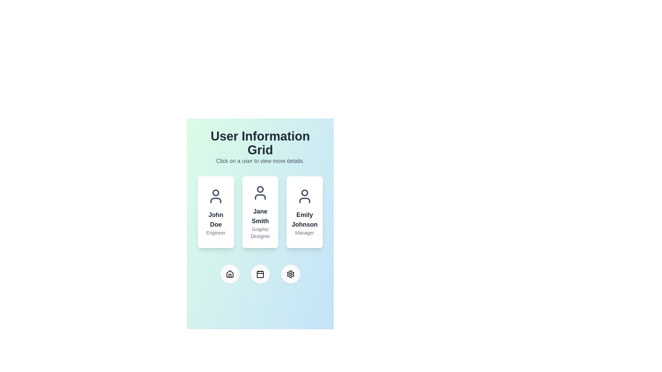 The image size is (662, 372). What do you see at coordinates (260, 193) in the screenshot?
I see `the Profile Icon representing the user 'Jane Smith', which is a circular head over a curved torso outline, centrally placed at the top of the card` at bounding box center [260, 193].